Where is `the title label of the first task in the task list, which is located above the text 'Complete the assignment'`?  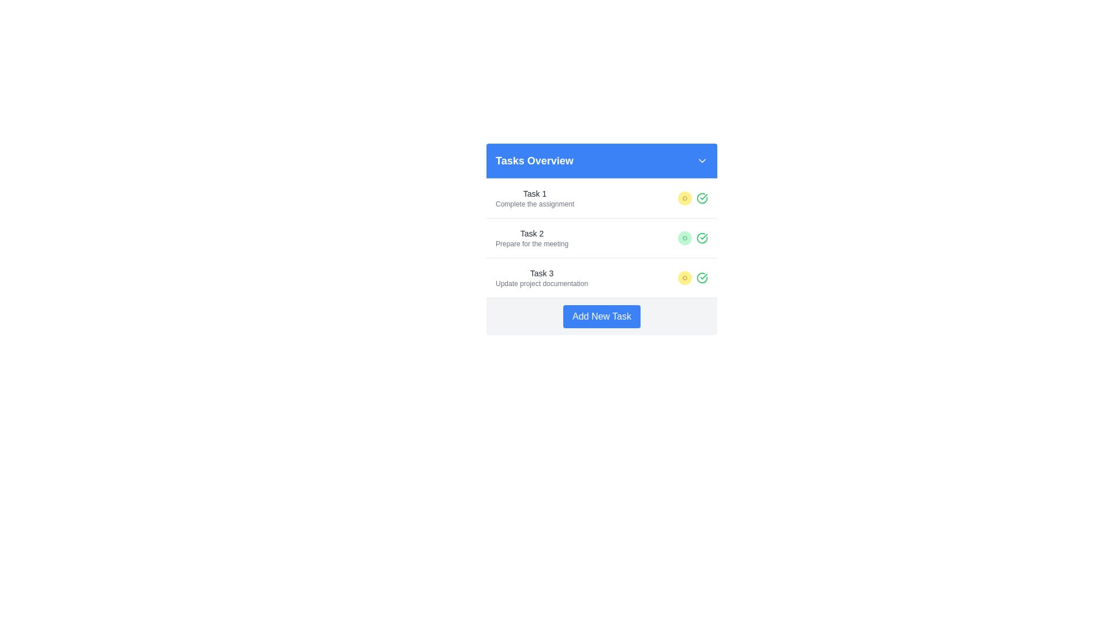 the title label of the first task in the task list, which is located above the text 'Complete the assignment' is located at coordinates (534, 193).